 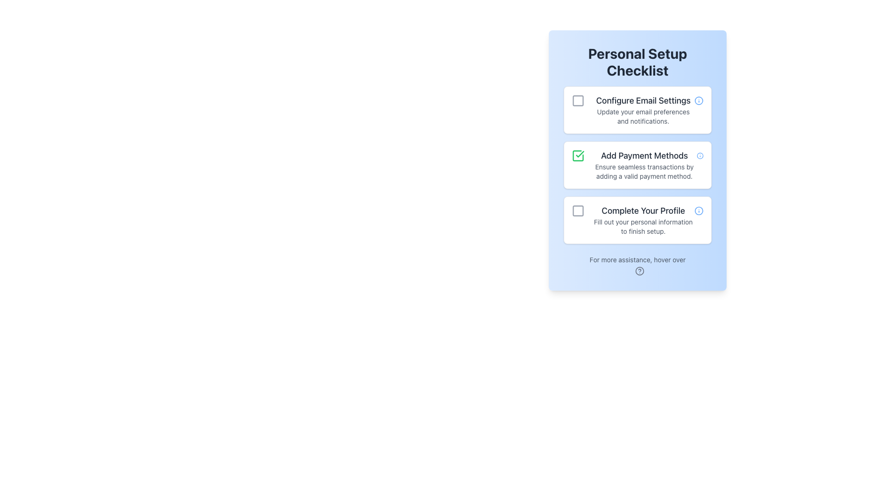 I want to click on the circular SVG graphic with a blue stroke, which is part of the information icon located in the top-right corner of the 'Configure Email Settings' checklist item, so click(x=699, y=101).